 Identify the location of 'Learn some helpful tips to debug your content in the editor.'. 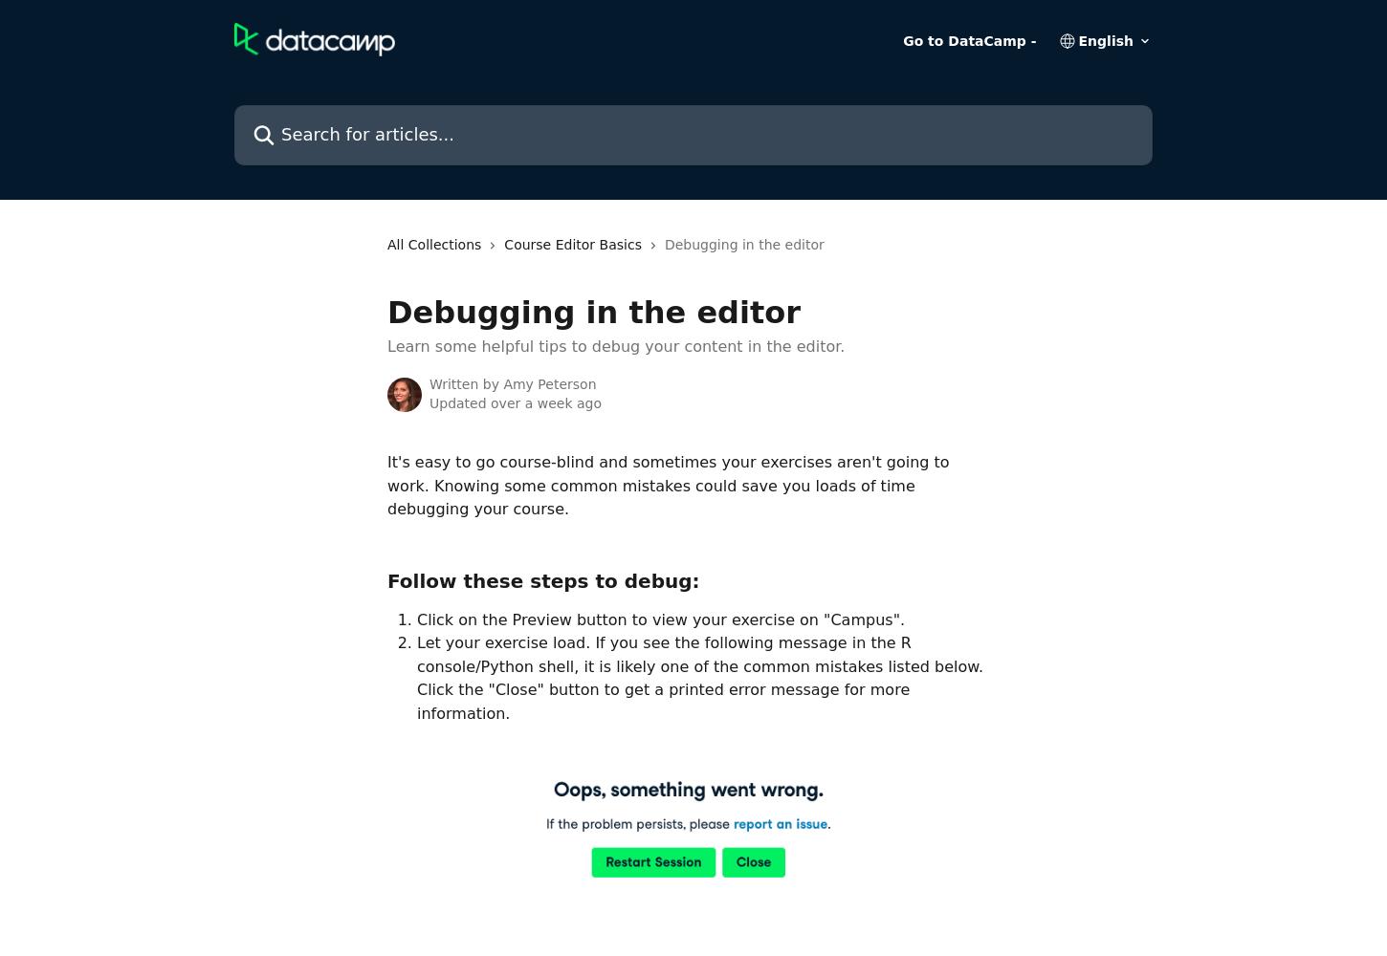
(614, 345).